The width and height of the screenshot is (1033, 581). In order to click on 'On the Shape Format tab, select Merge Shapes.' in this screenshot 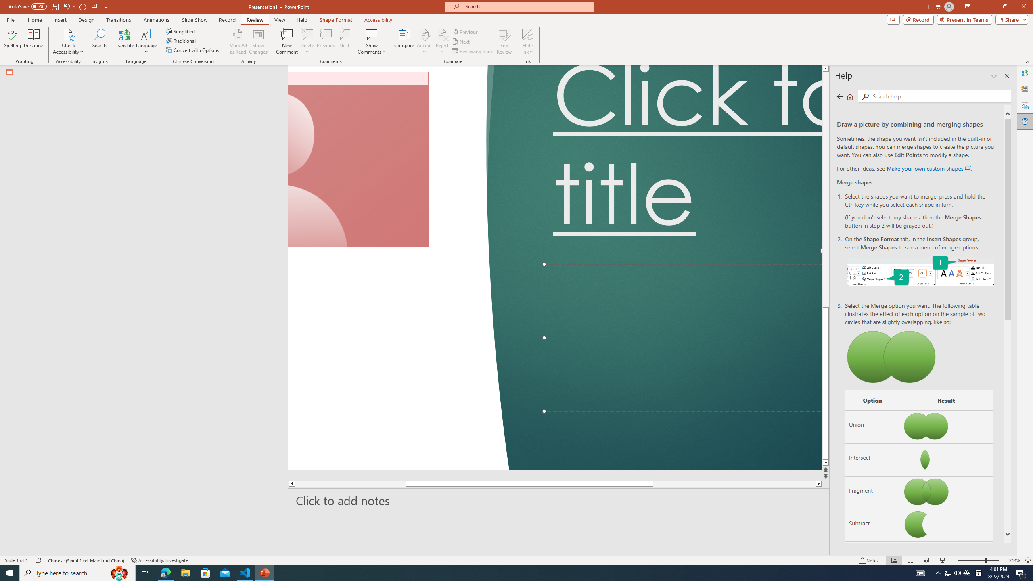, I will do `click(920, 270)`.